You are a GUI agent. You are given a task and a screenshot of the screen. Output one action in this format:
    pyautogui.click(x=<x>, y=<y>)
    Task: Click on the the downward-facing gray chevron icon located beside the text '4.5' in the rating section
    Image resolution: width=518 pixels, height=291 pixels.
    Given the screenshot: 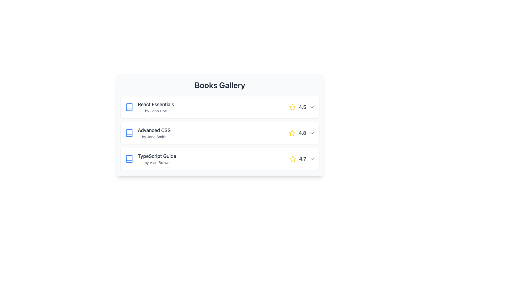 What is the action you would take?
    pyautogui.click(x=312, y=107)
    